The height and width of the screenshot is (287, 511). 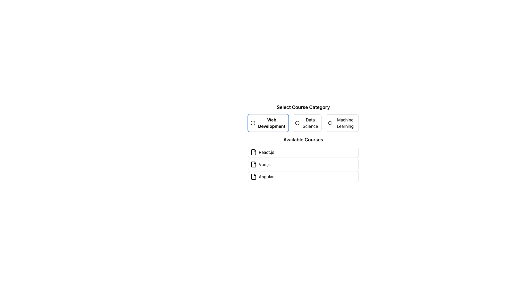 What do you see at coordinates (252, 123) in the screenshot?
I see `the 'Web Development' button which contains the icon representing the category 'Web Development'` at bounding box center [252, 123].